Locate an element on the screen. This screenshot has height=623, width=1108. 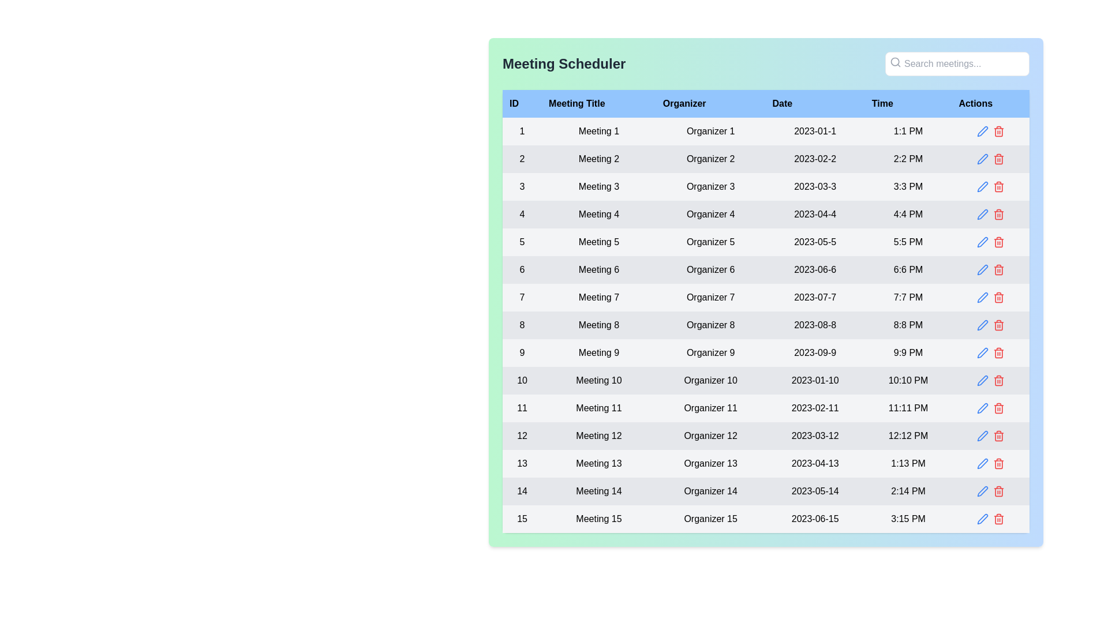
the delete icon within the 'Actions' column of the second row for the meeting titled 'Meeting 2' is located at coordinates (990, 159).